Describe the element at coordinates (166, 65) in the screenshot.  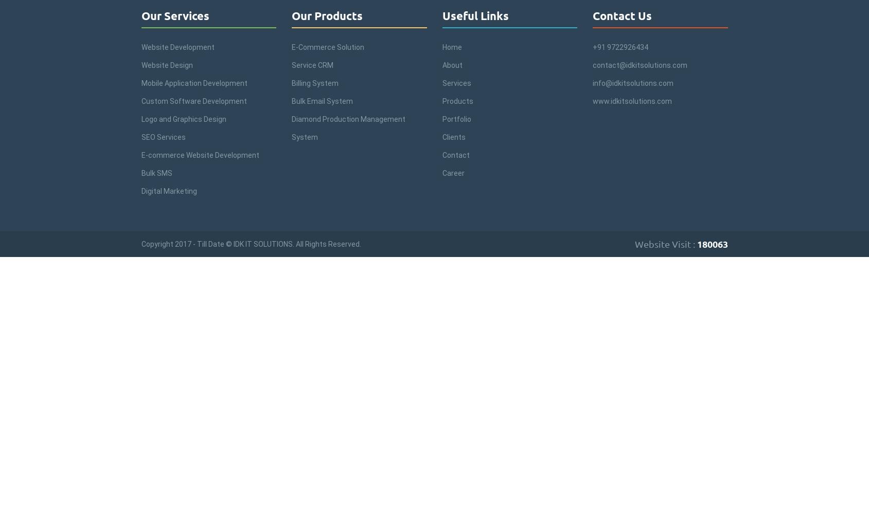
I see `'Website Design'` at that location.